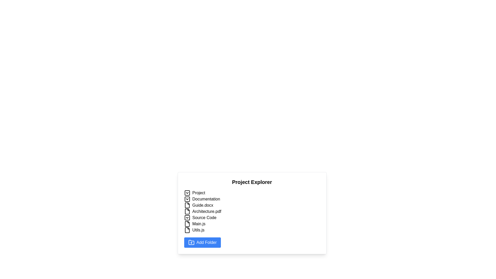  I want to click on the 'Main.js' file icon, so click(187, 224).